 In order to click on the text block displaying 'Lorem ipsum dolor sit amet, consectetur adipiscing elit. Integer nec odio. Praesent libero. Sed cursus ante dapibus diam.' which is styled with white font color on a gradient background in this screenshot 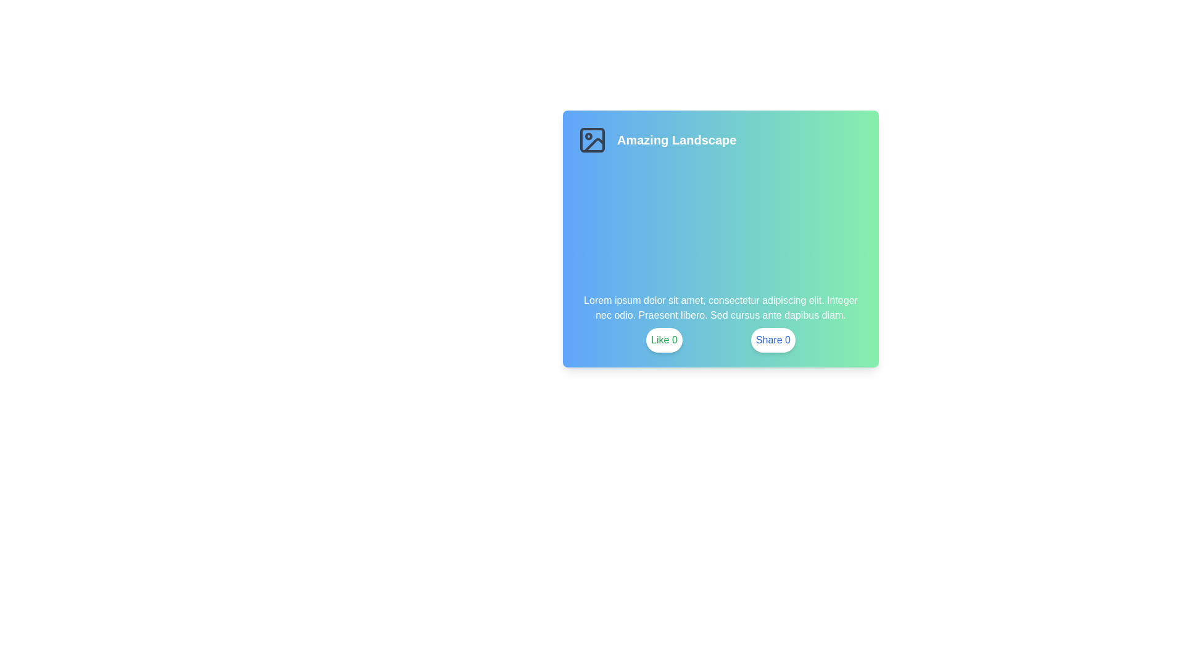, I will do `click(720, 307)`.